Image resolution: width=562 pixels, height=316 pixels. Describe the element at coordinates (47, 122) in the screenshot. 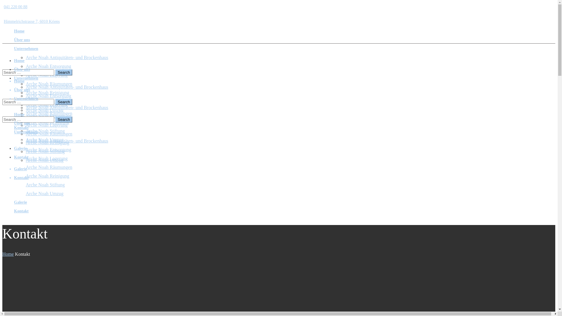

I see `'Arche Noah Reinigung'` at that location.